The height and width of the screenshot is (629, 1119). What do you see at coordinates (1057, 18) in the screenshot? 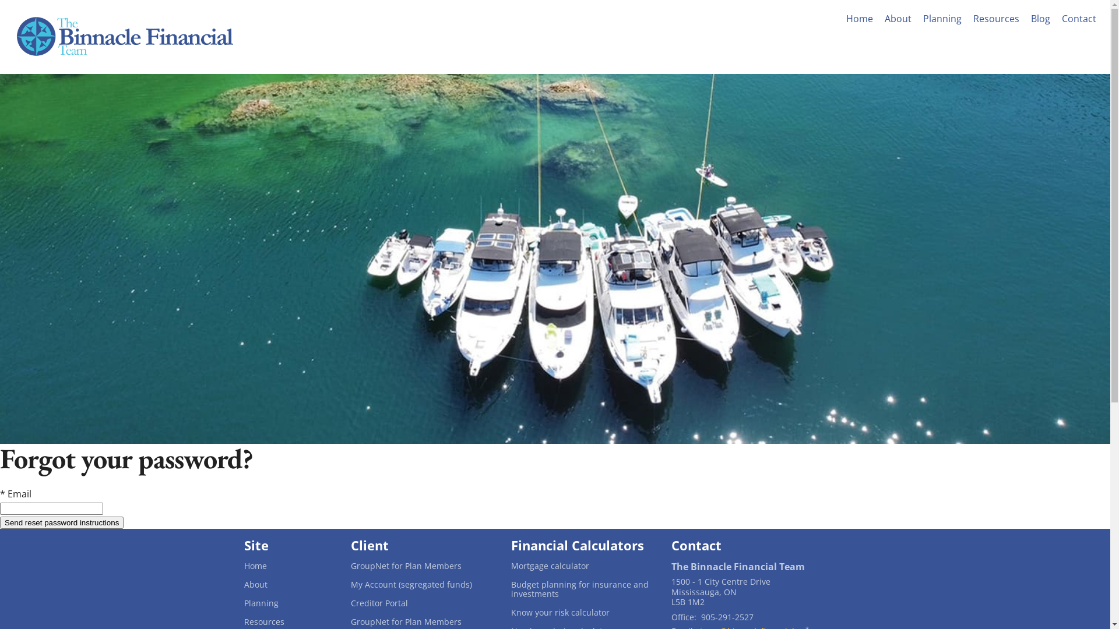
I see `'Contact'` at bounding box center [1057, 18].